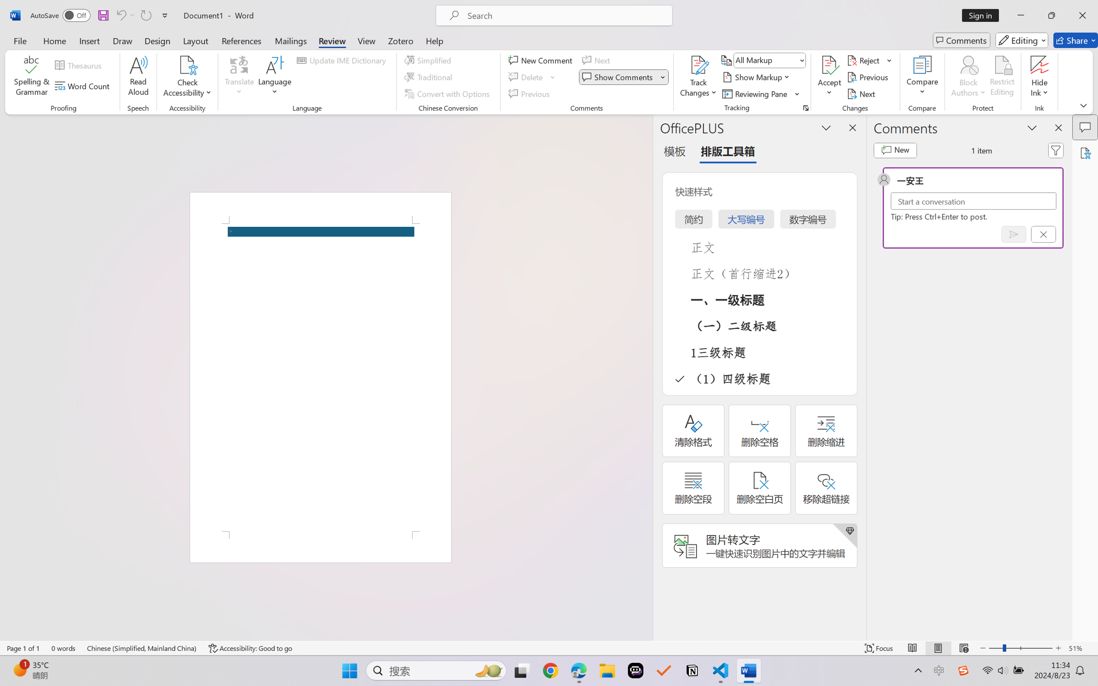 This screenshot has height=686, width=1098. Describe the element at coordinates (343, 59) in the screenshot. I see `'Update IME Dictionary...'` at that location.